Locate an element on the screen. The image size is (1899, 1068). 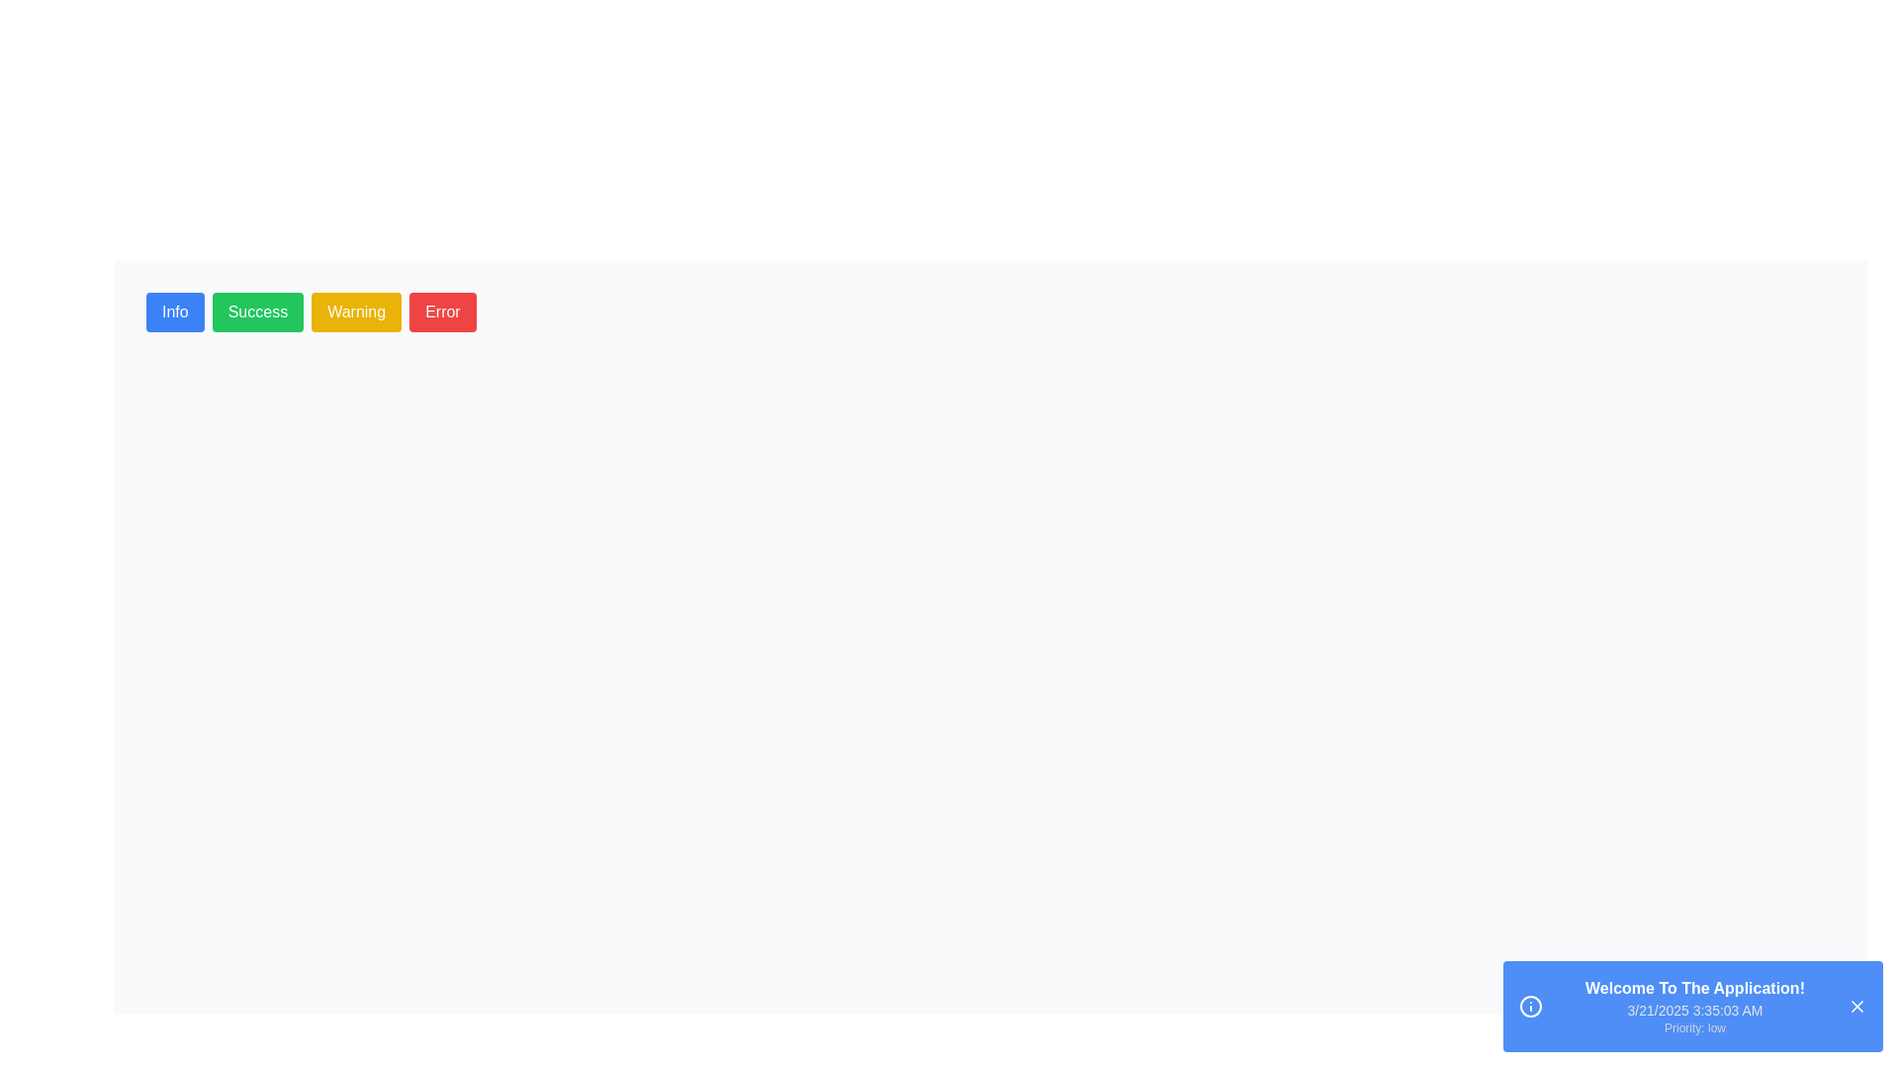
the static text element displaying 'Welcome to the application!' which is styled in bold and capitalized font within a blue notification box located at the bottom-right corner of the interface is located at coordinates (1693, 988).